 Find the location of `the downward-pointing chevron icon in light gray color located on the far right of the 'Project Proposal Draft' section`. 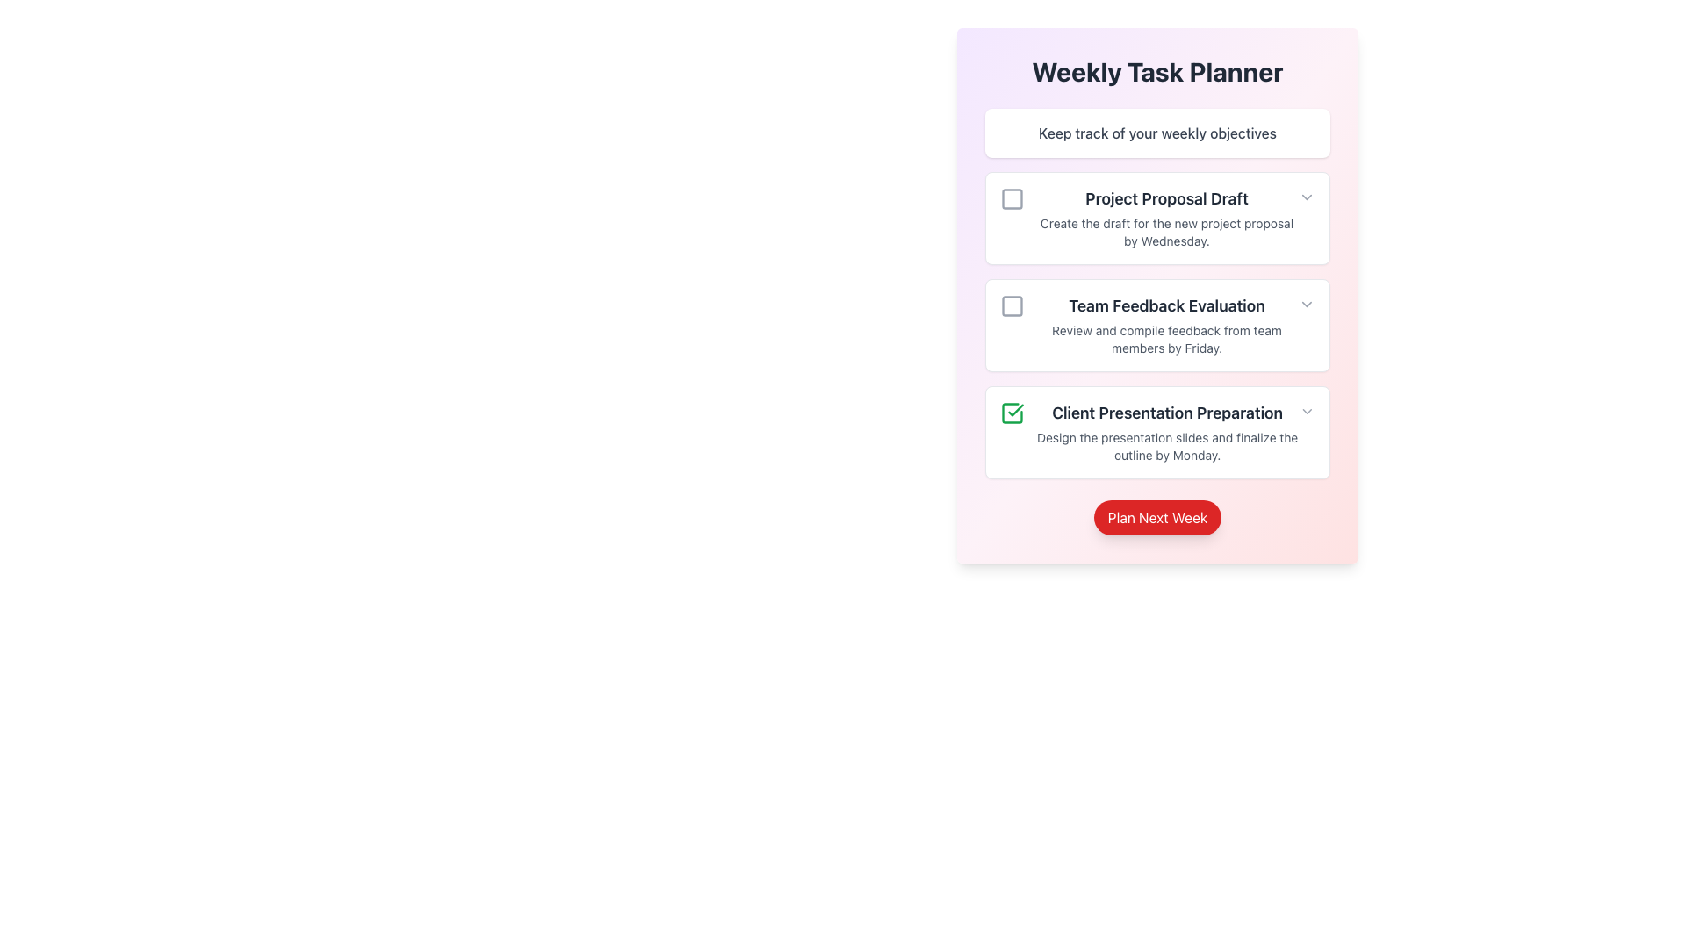

the downward-pointing chevron icon in light gray color located on the far right of the 'Project Proposal Draft' section is located at coordinates (1307, 197).